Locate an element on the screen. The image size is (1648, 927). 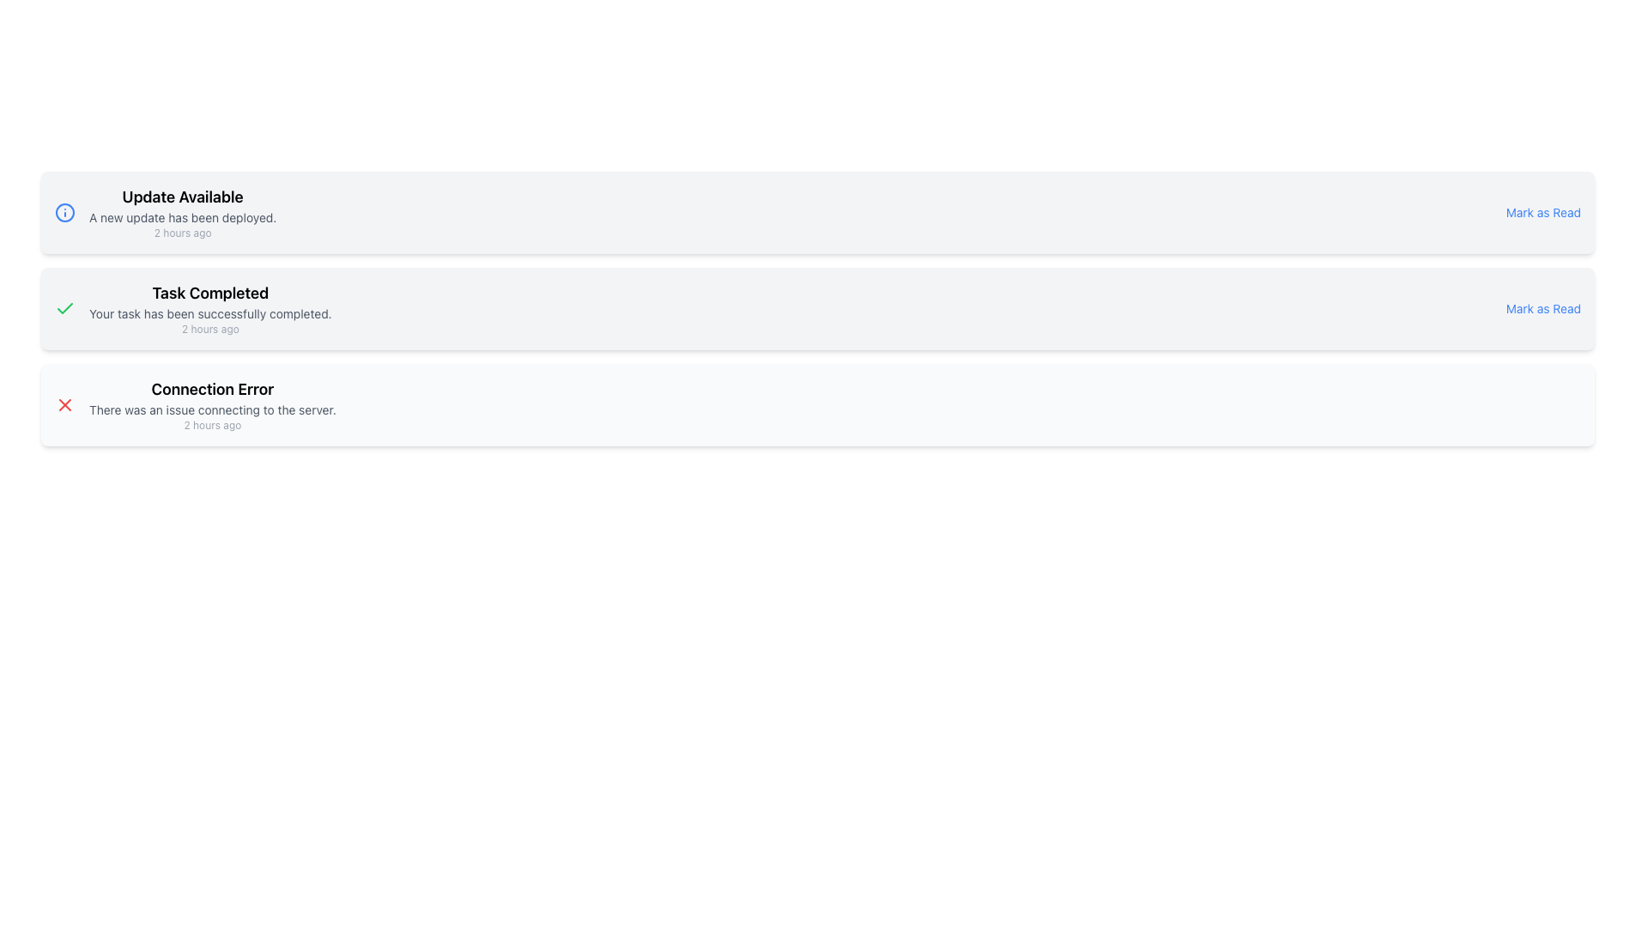
the green checkmark icon located beside the 'Task Completed' notification panel by moving the cursor to its center is located at coordinates (65, 307).